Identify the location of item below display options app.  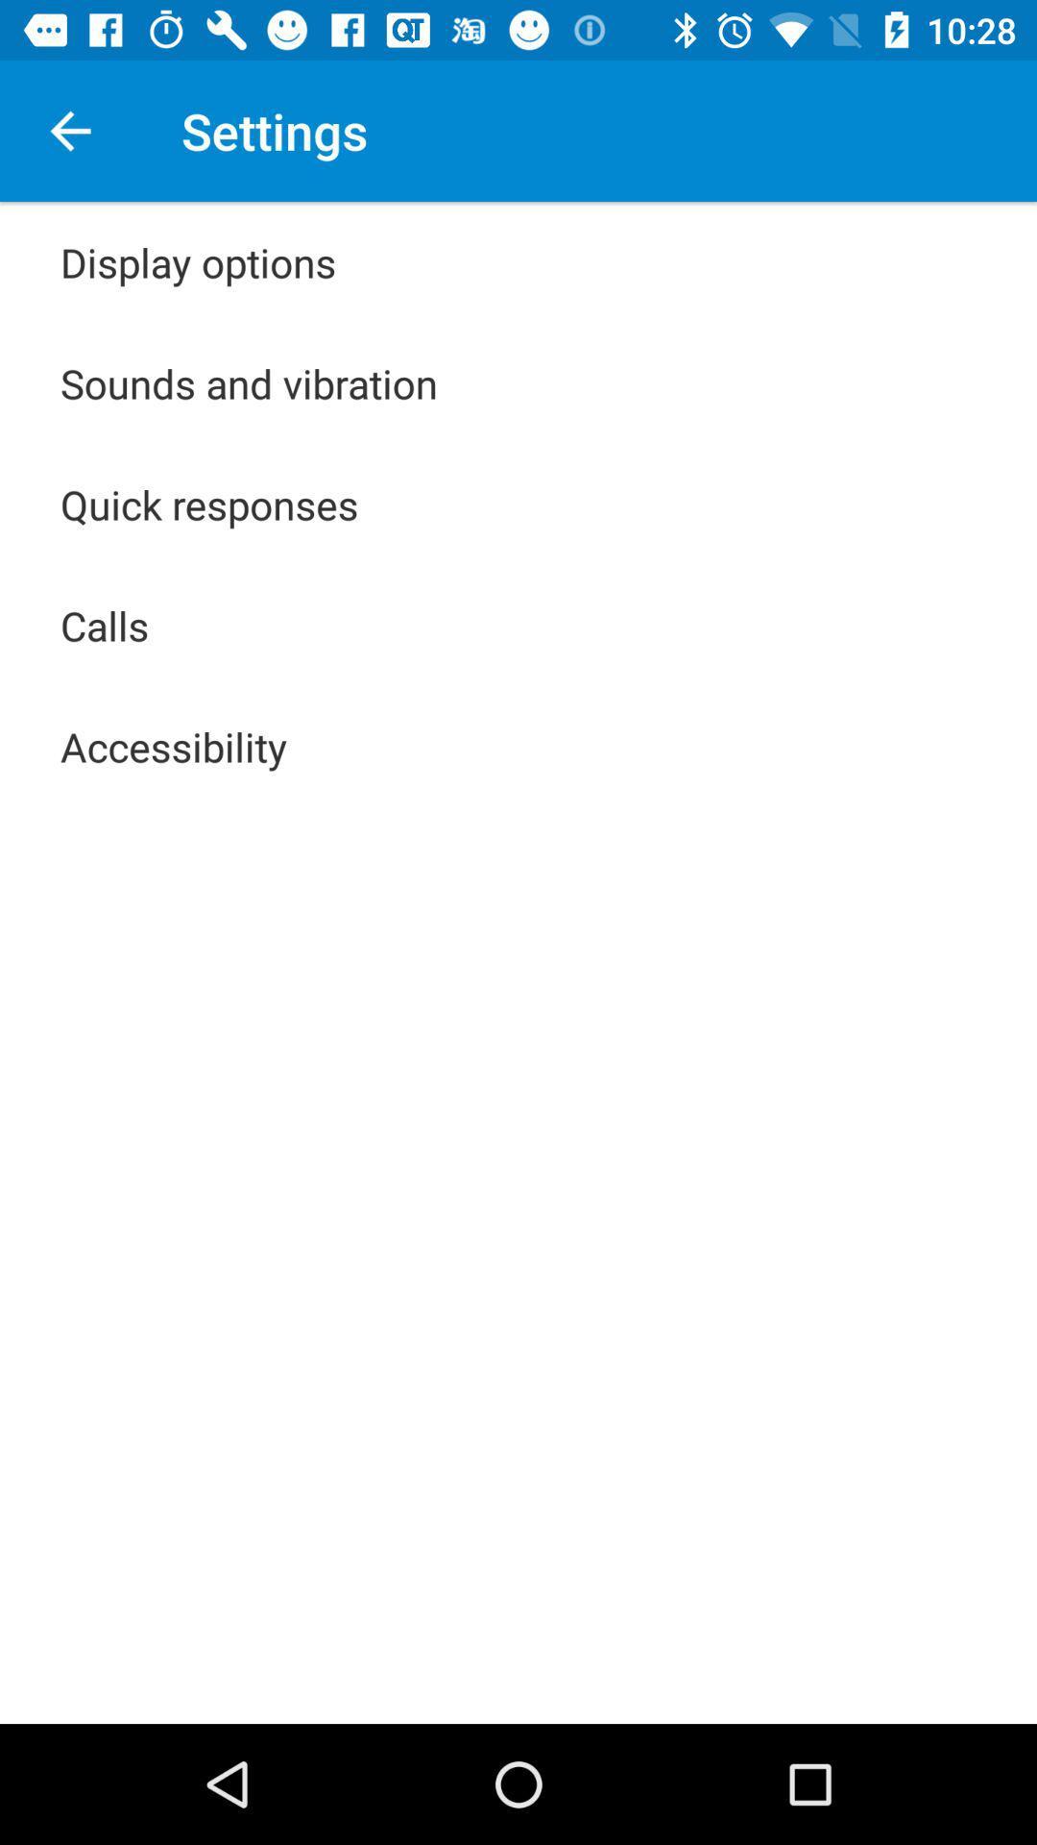
(248, 382).